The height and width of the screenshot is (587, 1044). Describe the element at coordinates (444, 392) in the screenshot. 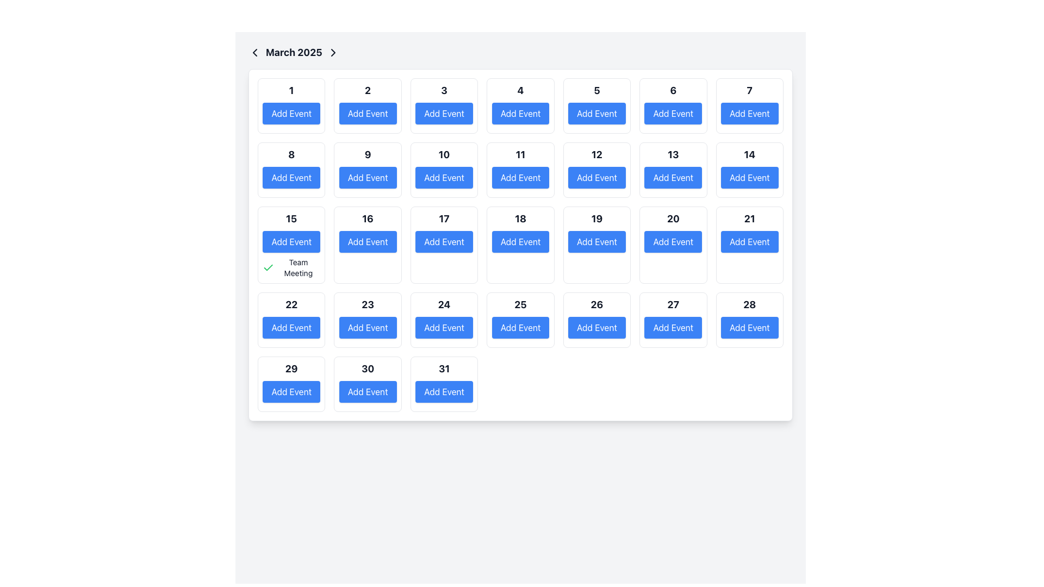

I see `the button located in the calendar cell for the date '31' to change its shade` at that location.